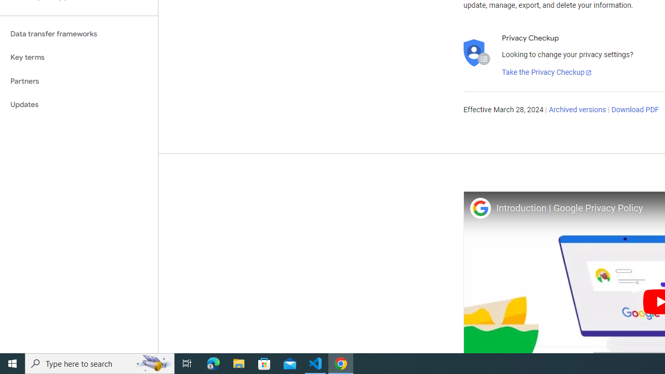  Describe the element at coordinates (78, 57) in the screenshot. I see `'Key terms'` at that location.